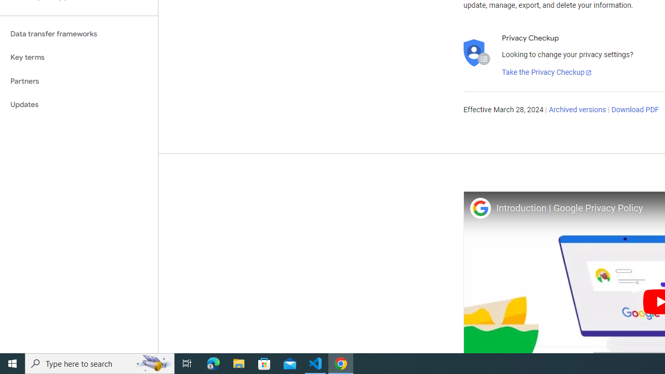  Describe the element at coordinates (78, 57) in the screenshot. I see `'Key terms'` at that location.